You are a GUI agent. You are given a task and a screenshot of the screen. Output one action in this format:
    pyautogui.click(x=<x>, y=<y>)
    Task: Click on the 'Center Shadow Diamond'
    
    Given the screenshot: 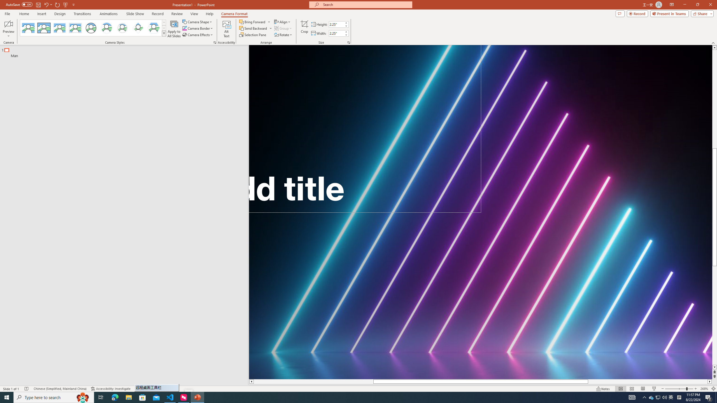 What is the action you would take?
    pyautogui.click(x=138, y=28)
    